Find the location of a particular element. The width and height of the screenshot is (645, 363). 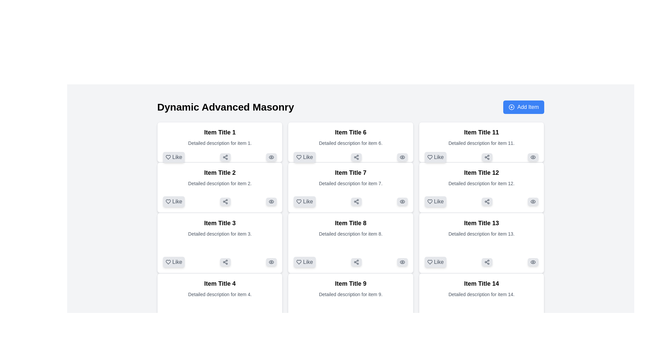

the grey eye-shaped icon located in the bottom-right corner of the card labeled 'Item Title 13' is located at coordinates (533, 261).